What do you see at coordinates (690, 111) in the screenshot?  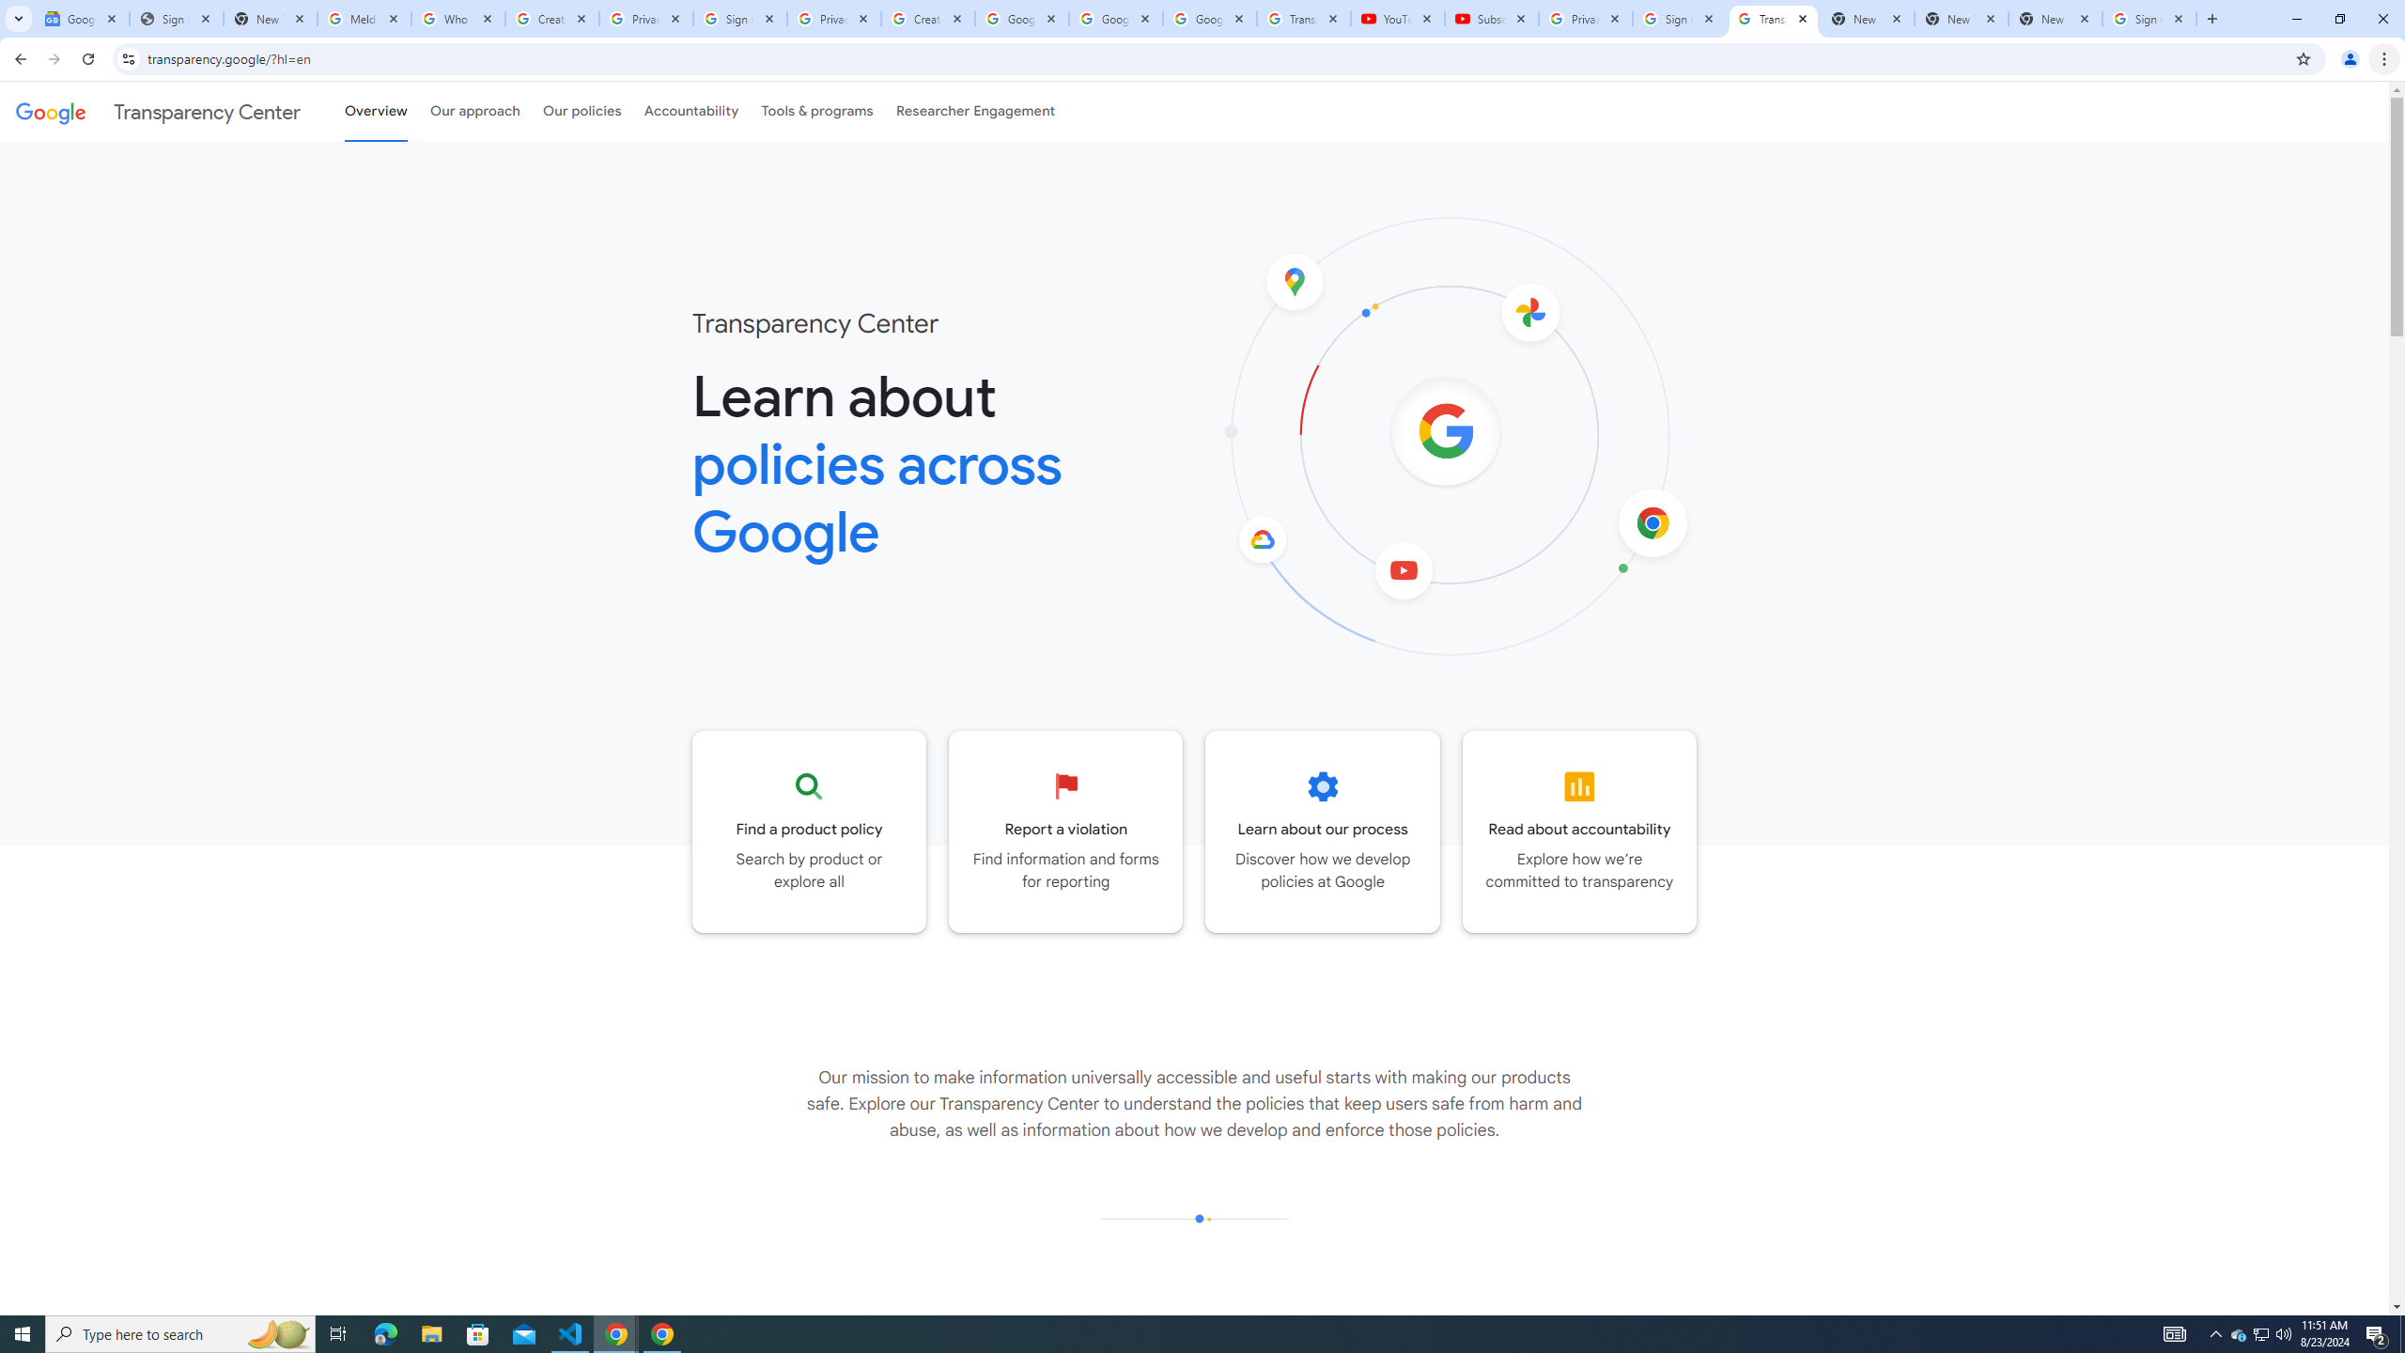 I see `'Accountability'` at bounding box center [690, 111].